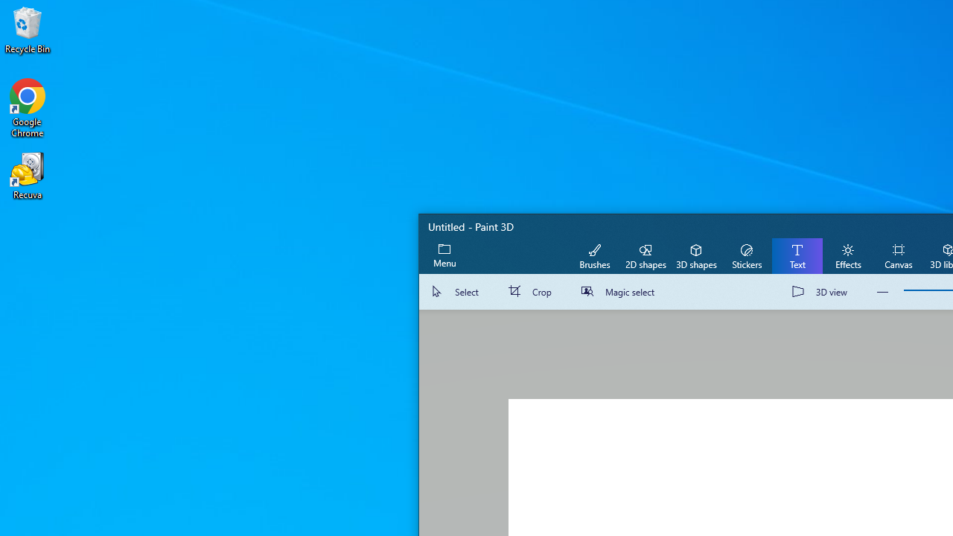 The image size is (953, 536). I want to click on 'Effects', so click(847, 255).